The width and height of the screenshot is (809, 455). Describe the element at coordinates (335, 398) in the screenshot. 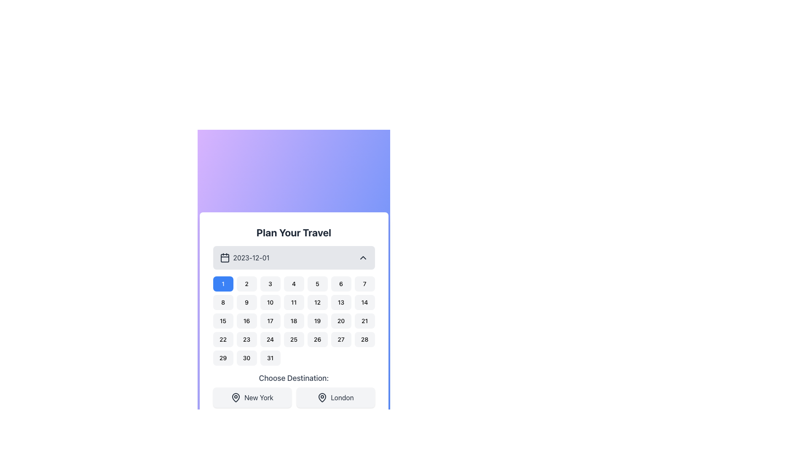

I see `the rectangular button with a light gray background, dark navy blue map pin icon, and the text 'London'` at that location.